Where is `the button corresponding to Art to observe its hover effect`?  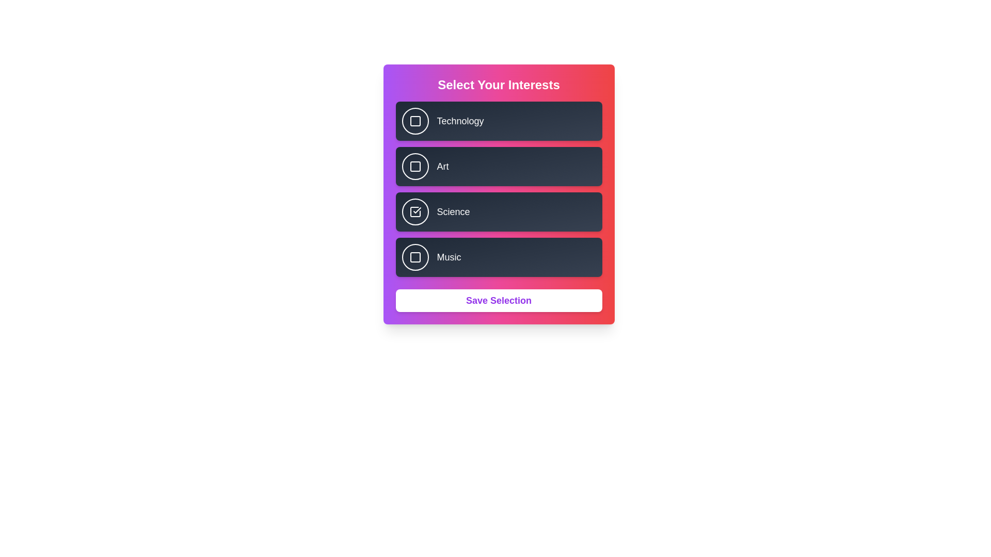 the button corresponding to Art to observe its hover effect is located at coordinates (415, 166).